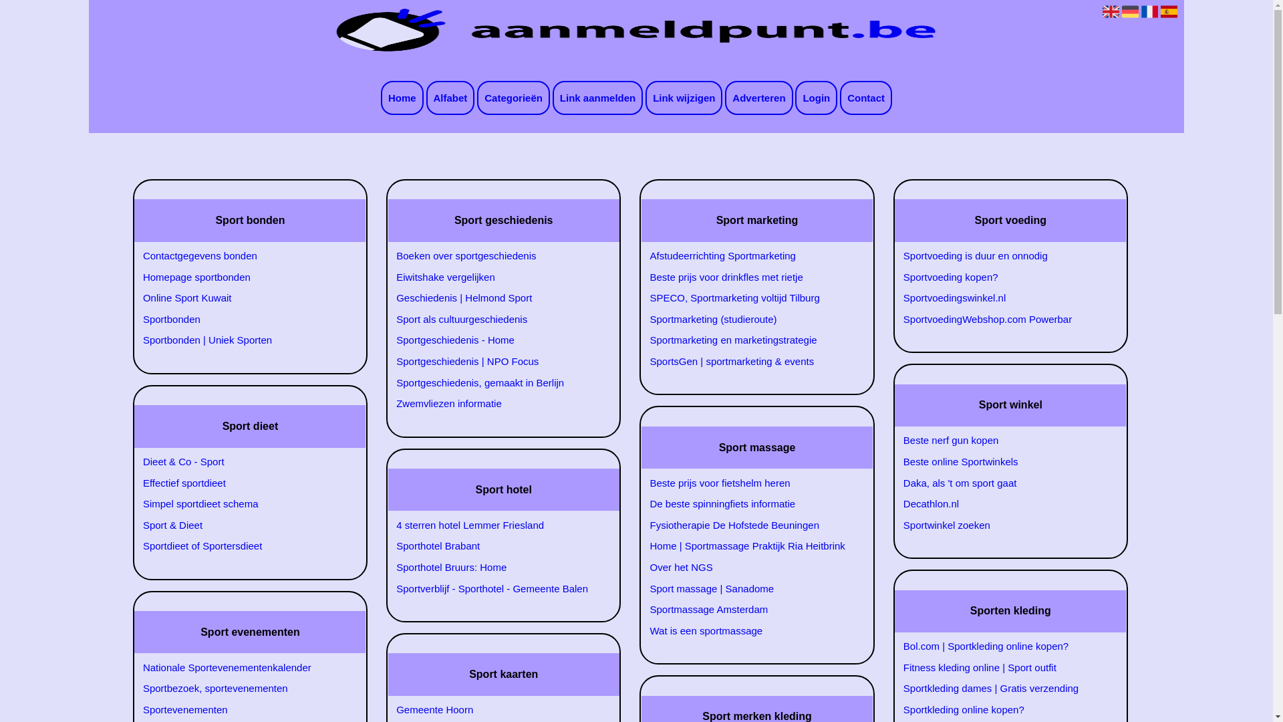  I want to click on 'Link aanmelden', so click(597, 97).